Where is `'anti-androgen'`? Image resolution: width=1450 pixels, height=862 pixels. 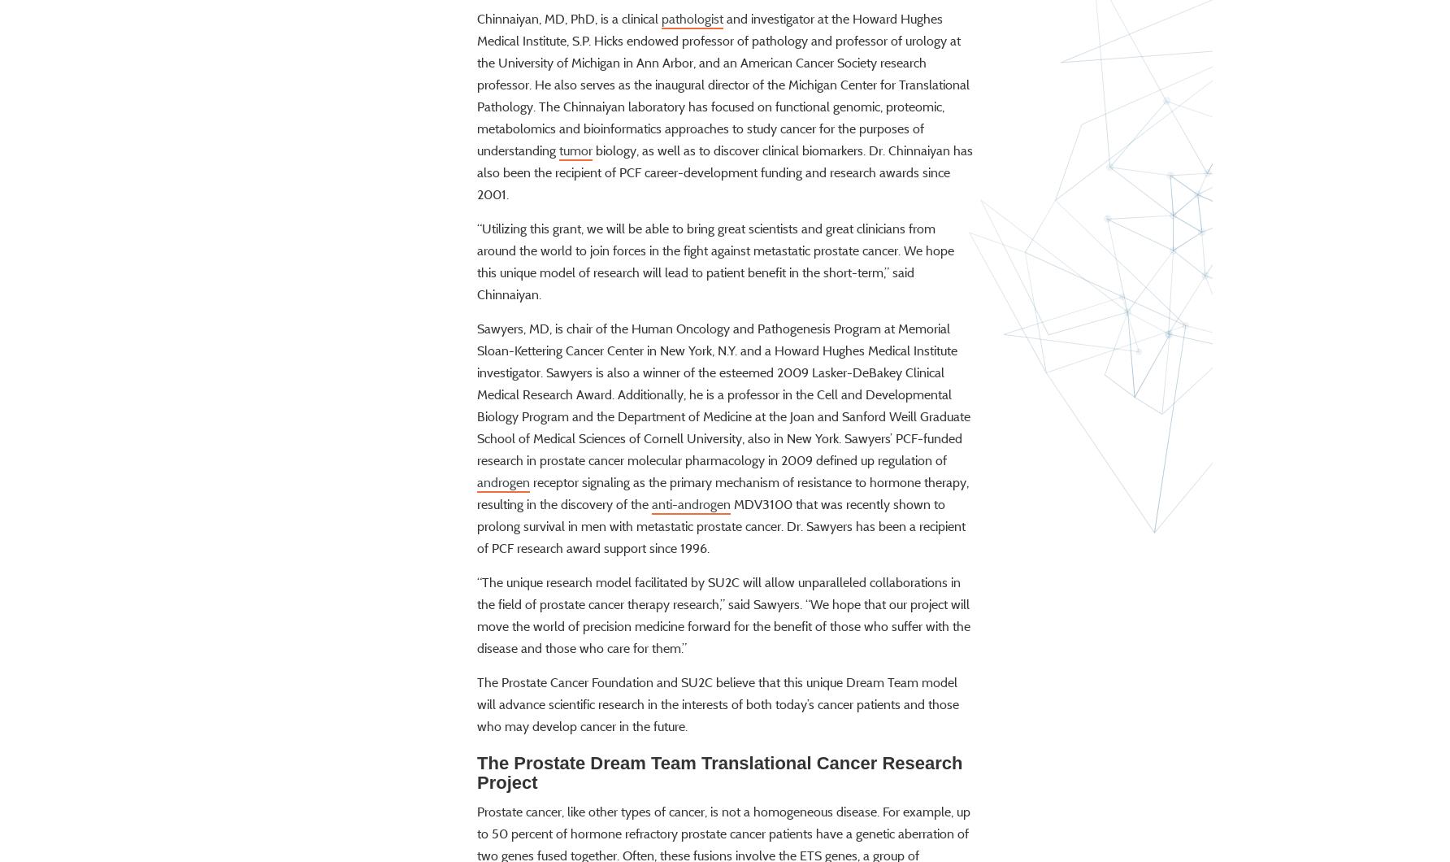
'anti-androgen' is located at coordinates (690, 550).